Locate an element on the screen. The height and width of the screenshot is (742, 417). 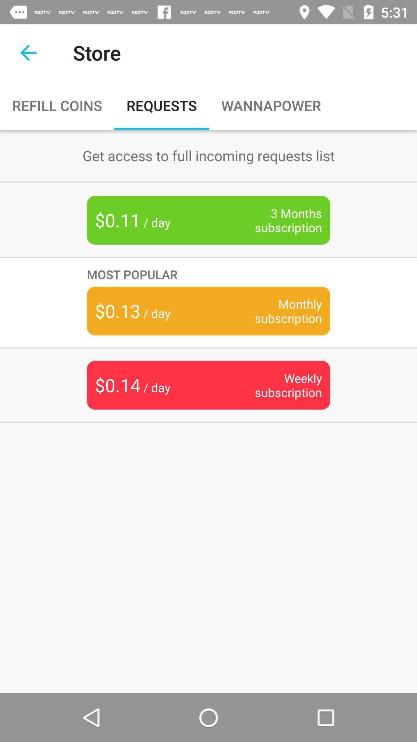
item above the most popular icon is located at coordinates (276, 220).